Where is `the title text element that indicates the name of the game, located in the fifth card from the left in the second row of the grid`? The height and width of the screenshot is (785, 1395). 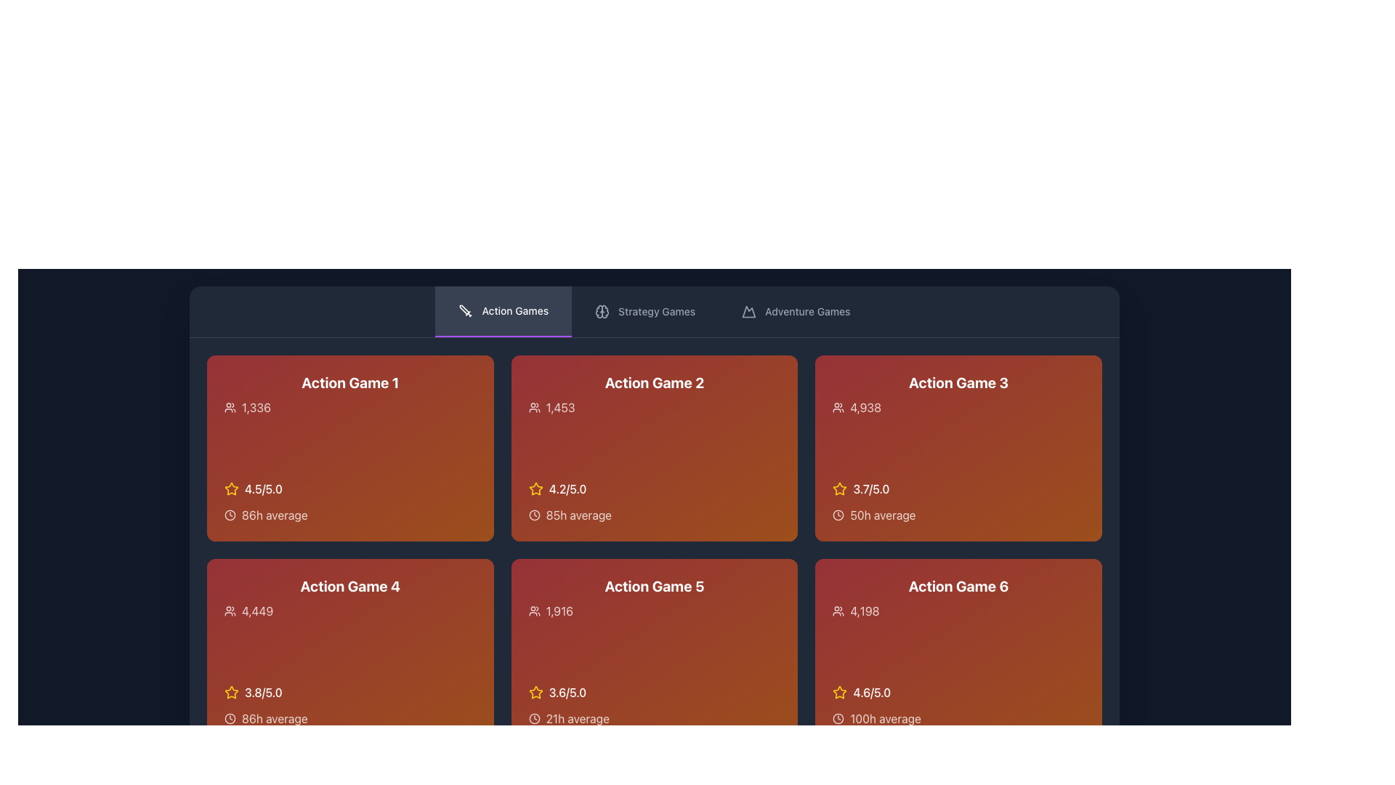 the title text element that indicates the name of the game, located in the fifth card from the left in the second row of the grid is located at coordinates (654, 597).